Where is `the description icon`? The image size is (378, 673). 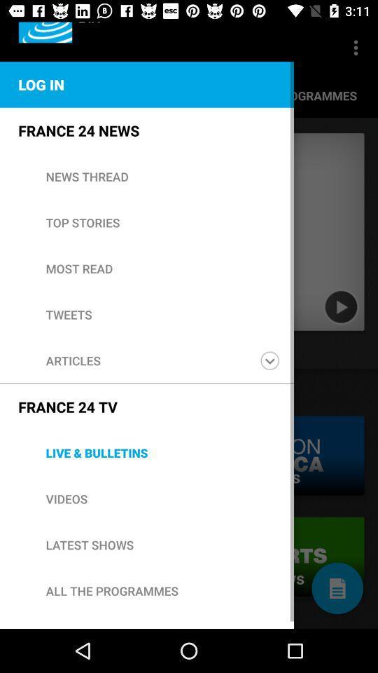 the description icon is located at coordinates (337, 588).